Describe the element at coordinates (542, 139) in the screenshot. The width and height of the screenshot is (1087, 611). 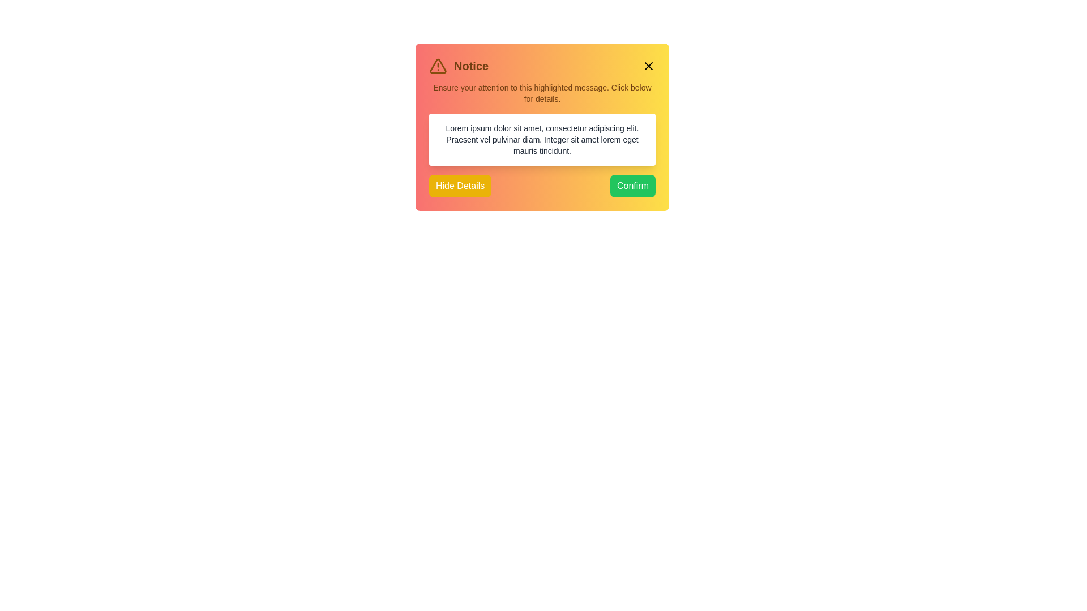
I see `the details text area to focus on it` at that location.